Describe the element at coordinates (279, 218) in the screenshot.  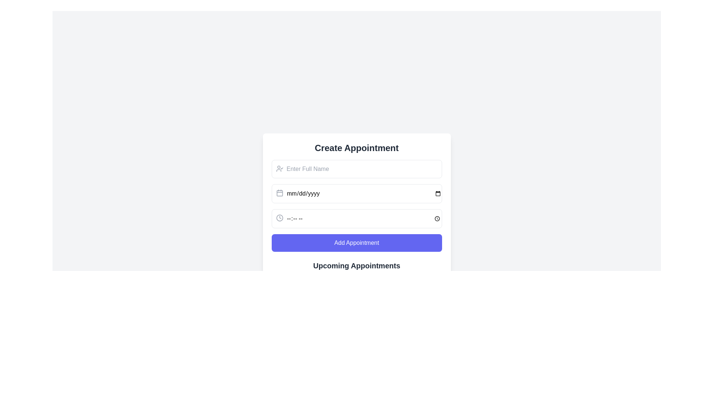
I see `the circular clock icon background in the Create Appointment form, which is styled with a gray and white color scheme and has a border resembling a clock face` at that location.